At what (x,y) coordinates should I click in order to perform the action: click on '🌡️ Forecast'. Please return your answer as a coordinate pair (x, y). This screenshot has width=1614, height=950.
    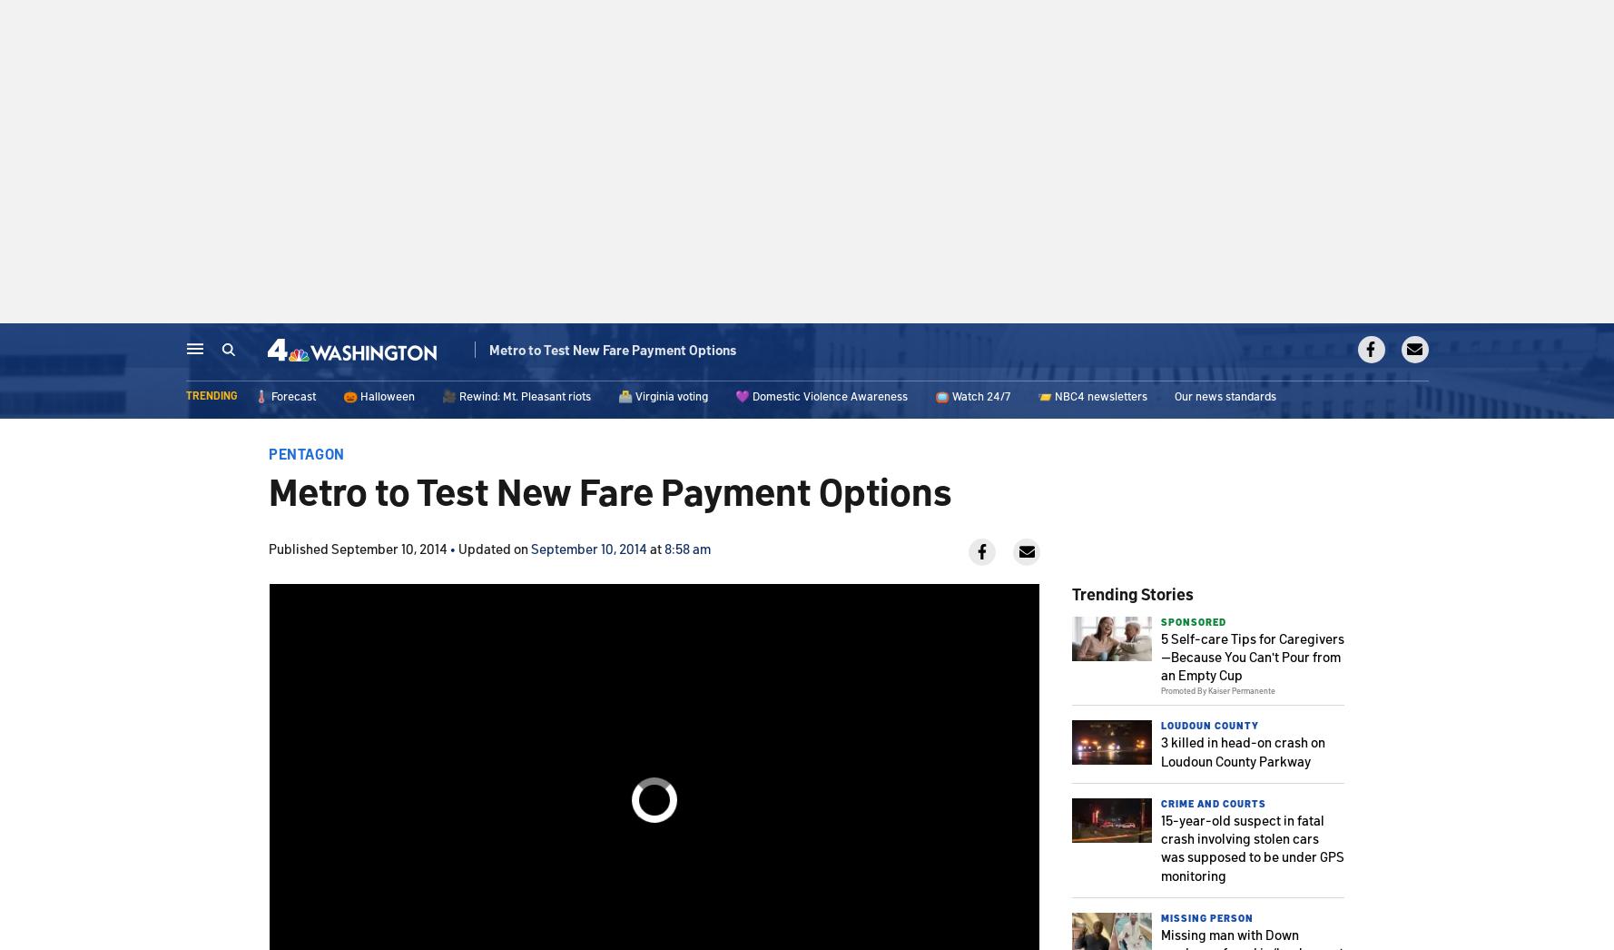
    Looking at the image, I should click on (283, 398).